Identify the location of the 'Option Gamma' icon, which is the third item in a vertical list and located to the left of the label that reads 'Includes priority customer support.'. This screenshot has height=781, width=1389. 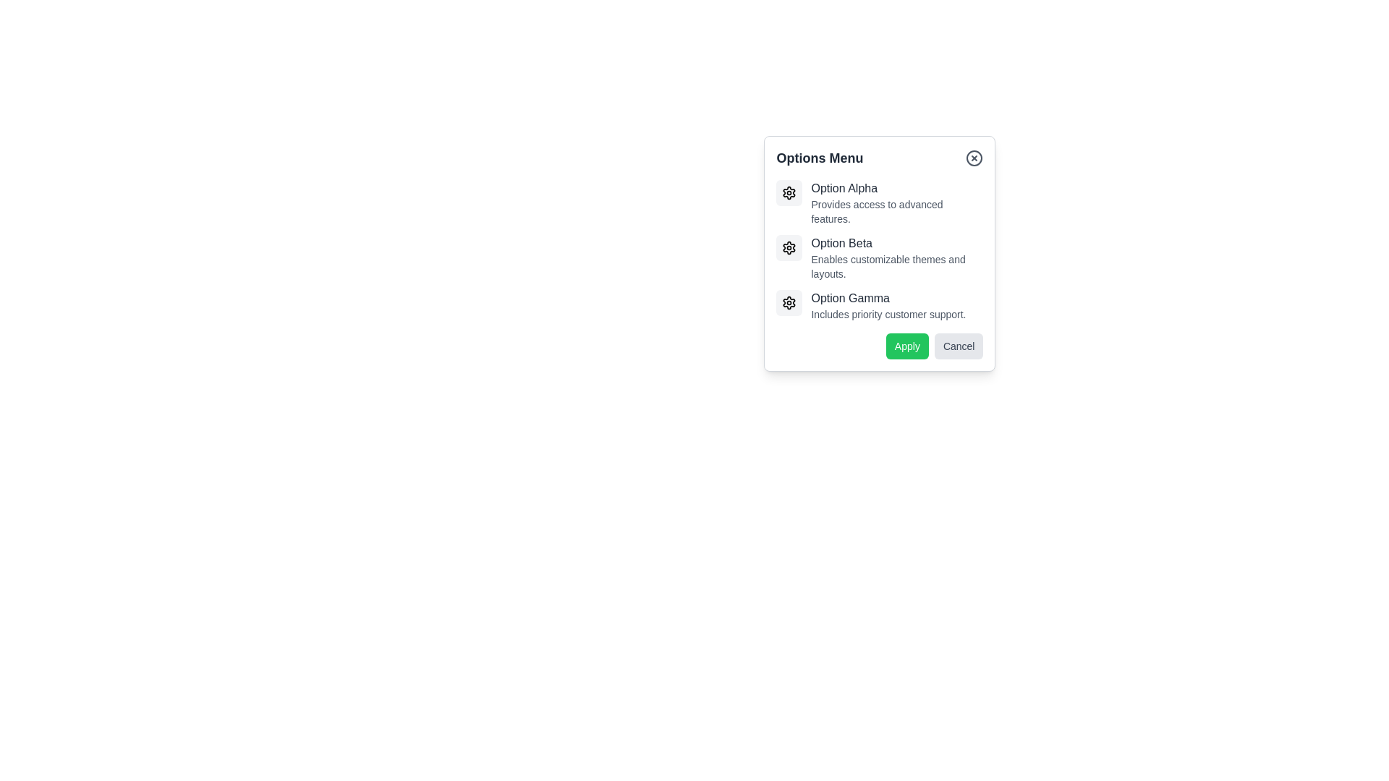
(789, 302).